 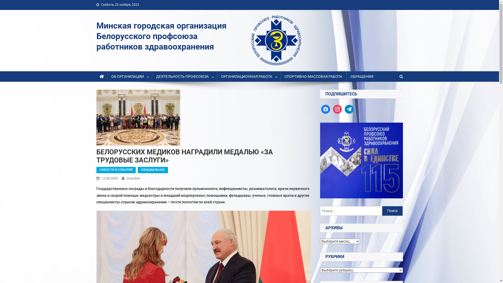 I want to click on 'Crossfire', so click(x=133, y=178).